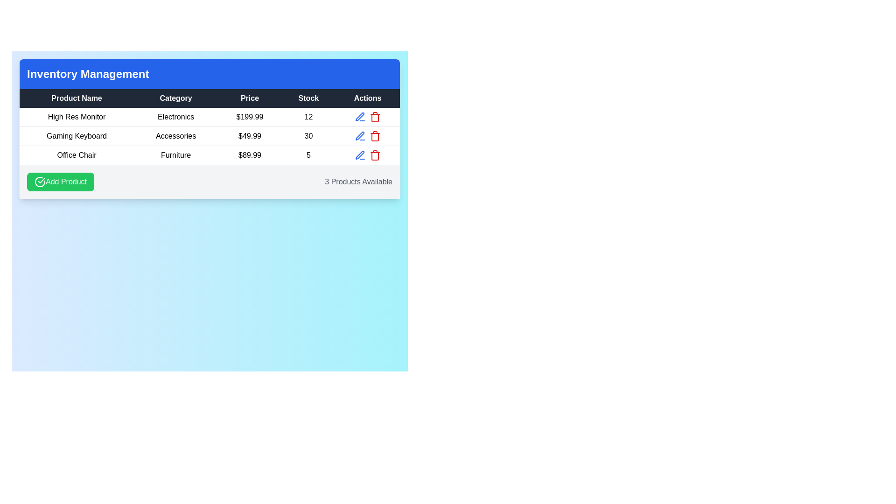 Image resolution: width=896 pixels, height=504 pixels. Describe the element at coordinates (250, 154) in the screenshot. I see `the price label displaying '$89.99' for the product 'Office Chair' in the third row of the 'Inventory Management' table` at that location.